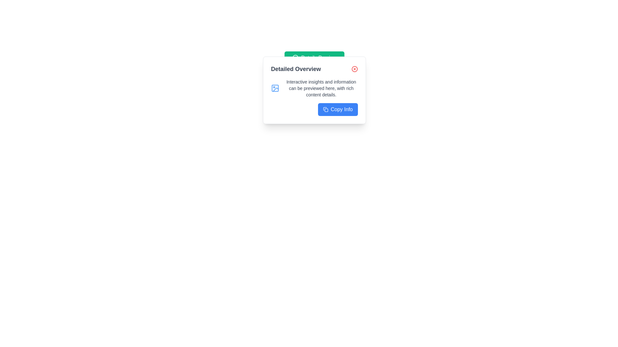  I want to click on the central circle of the information icon located at the top of the dialog box near the title 'Detailed Overview', so click(295, 58).